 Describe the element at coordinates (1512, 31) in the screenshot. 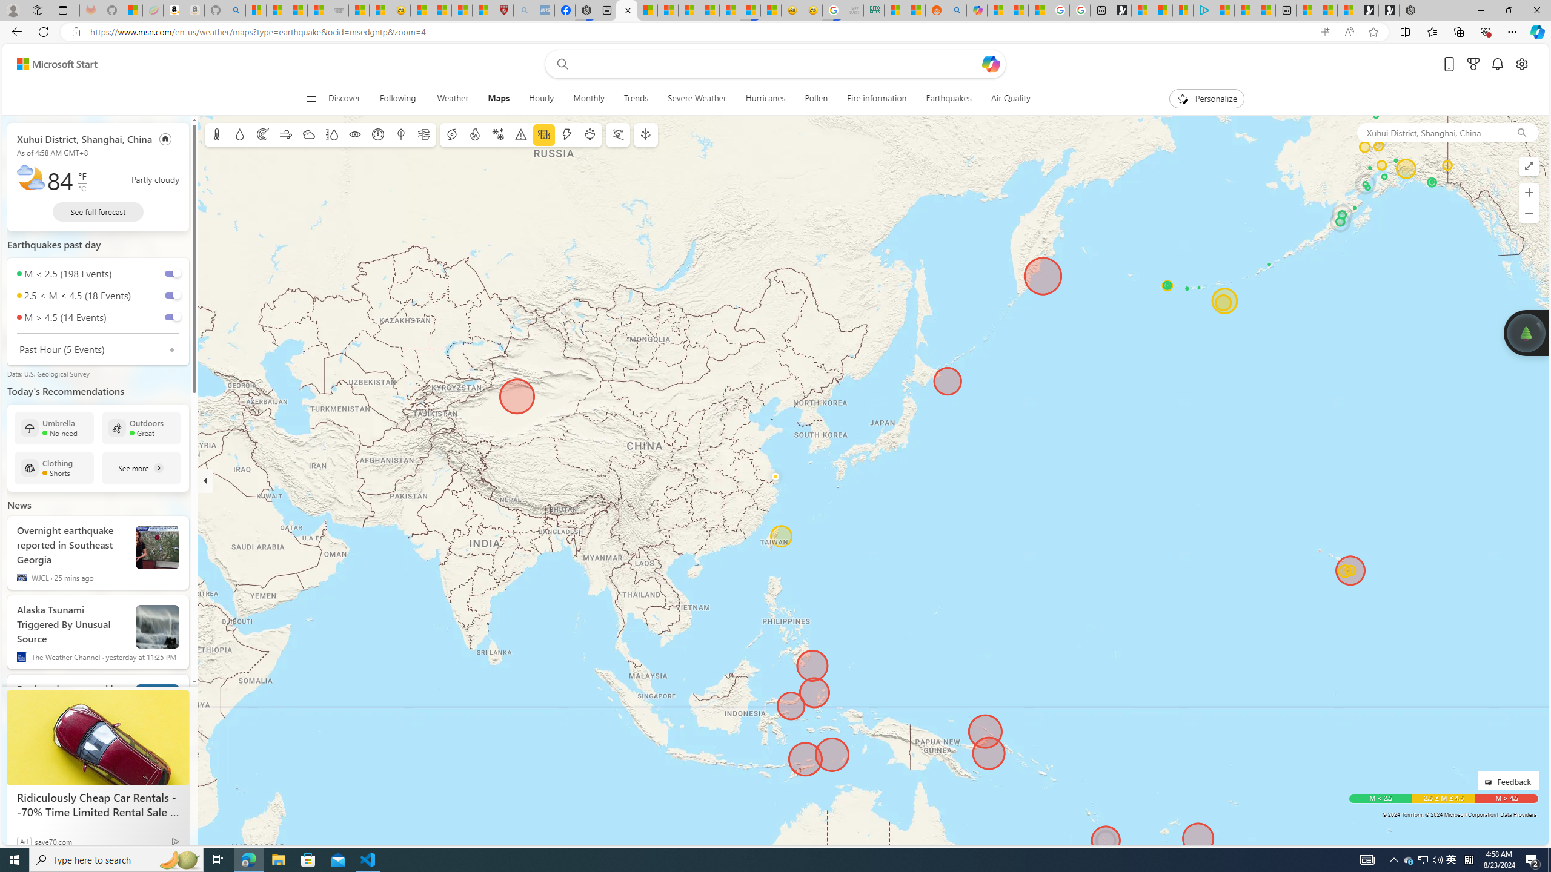

I see `'Settings and more (Alt+F)'` at that location.